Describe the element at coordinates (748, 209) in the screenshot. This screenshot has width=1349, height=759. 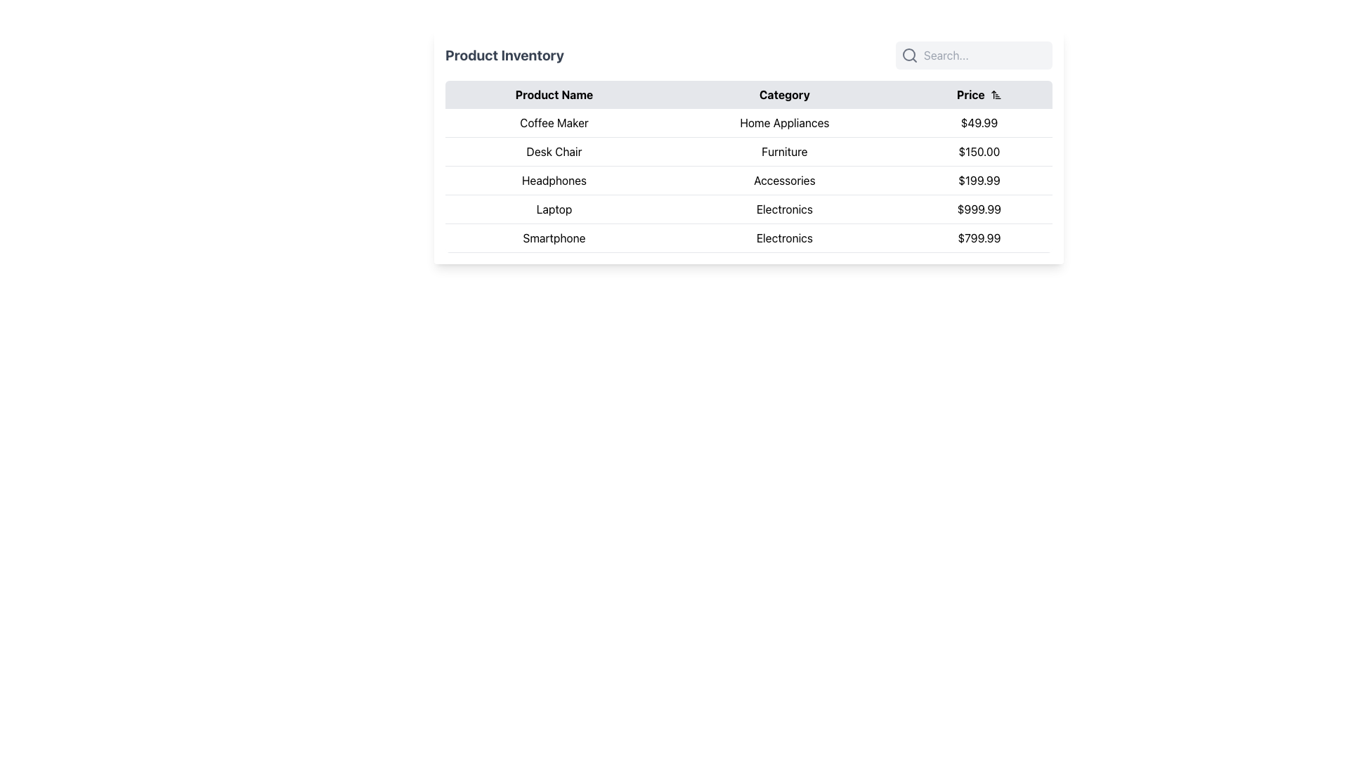
I see `the fourth row in the 'Product Inventory' table, which contains 'Laptop', 'Electronics', and '$999.99'` at that location.